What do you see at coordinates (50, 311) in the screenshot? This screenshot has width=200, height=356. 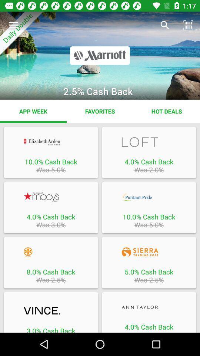 I see `the website vince` at bounding box center [50, 311].